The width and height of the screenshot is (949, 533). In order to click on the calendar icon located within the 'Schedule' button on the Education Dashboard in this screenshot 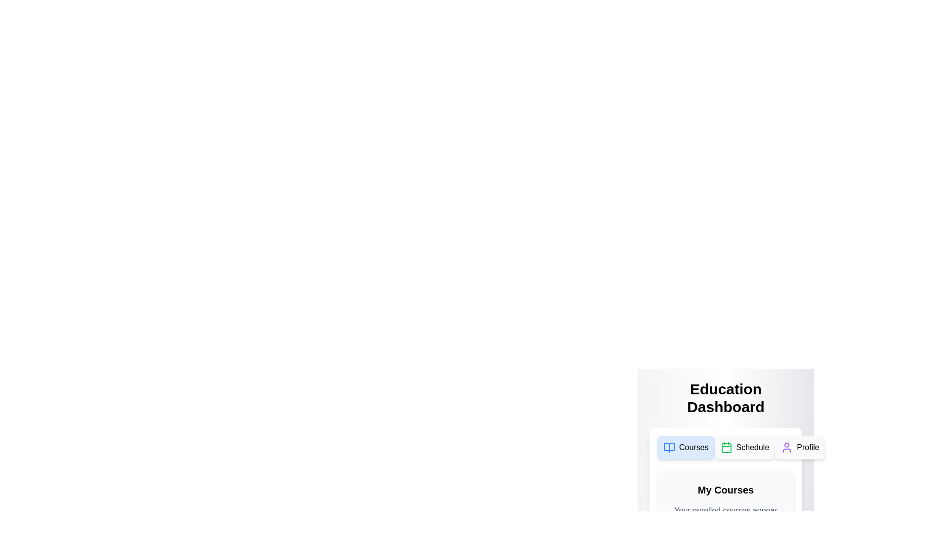, I will do `click(726, 447)`.